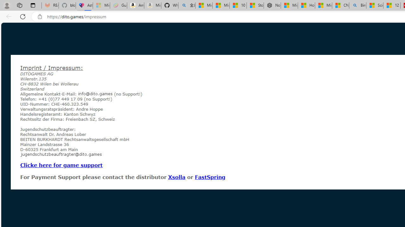 The height and width of the screenshot is (227, 405). I want to click on 'Science - MSN', so click(375, 5).